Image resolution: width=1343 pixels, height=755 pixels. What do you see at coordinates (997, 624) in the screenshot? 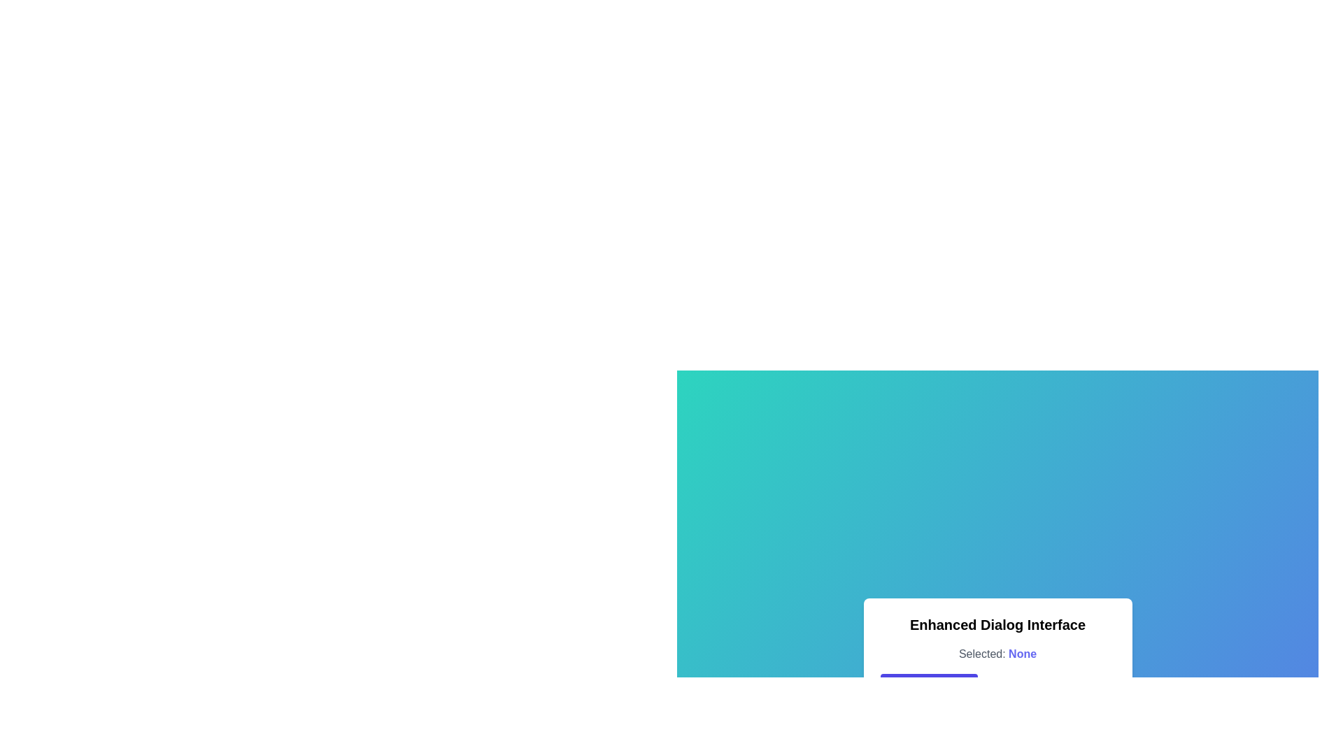
I see `the heading 'Enhanced Dialog Interface' to ensure it is visible` at bounding box center [997, 624].